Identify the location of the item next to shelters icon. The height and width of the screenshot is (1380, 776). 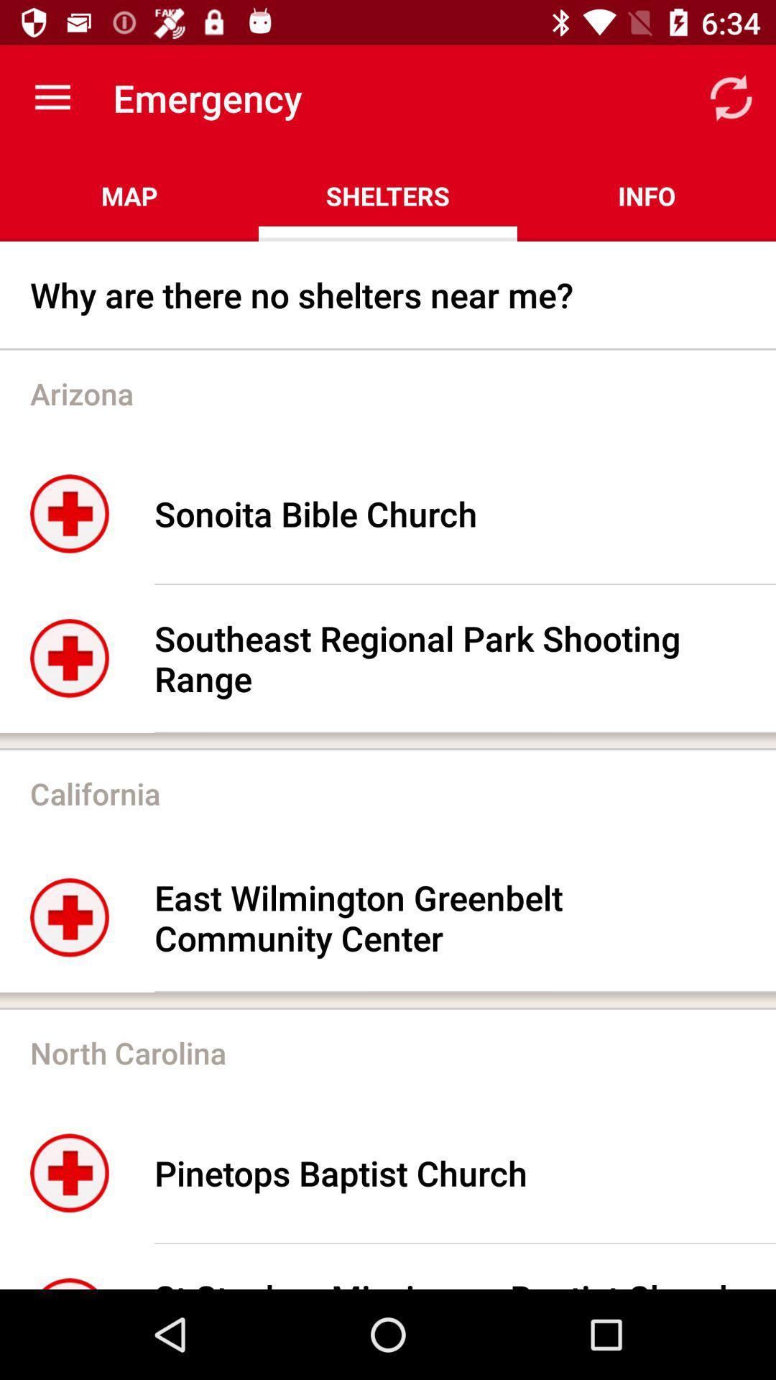
(129, 195).